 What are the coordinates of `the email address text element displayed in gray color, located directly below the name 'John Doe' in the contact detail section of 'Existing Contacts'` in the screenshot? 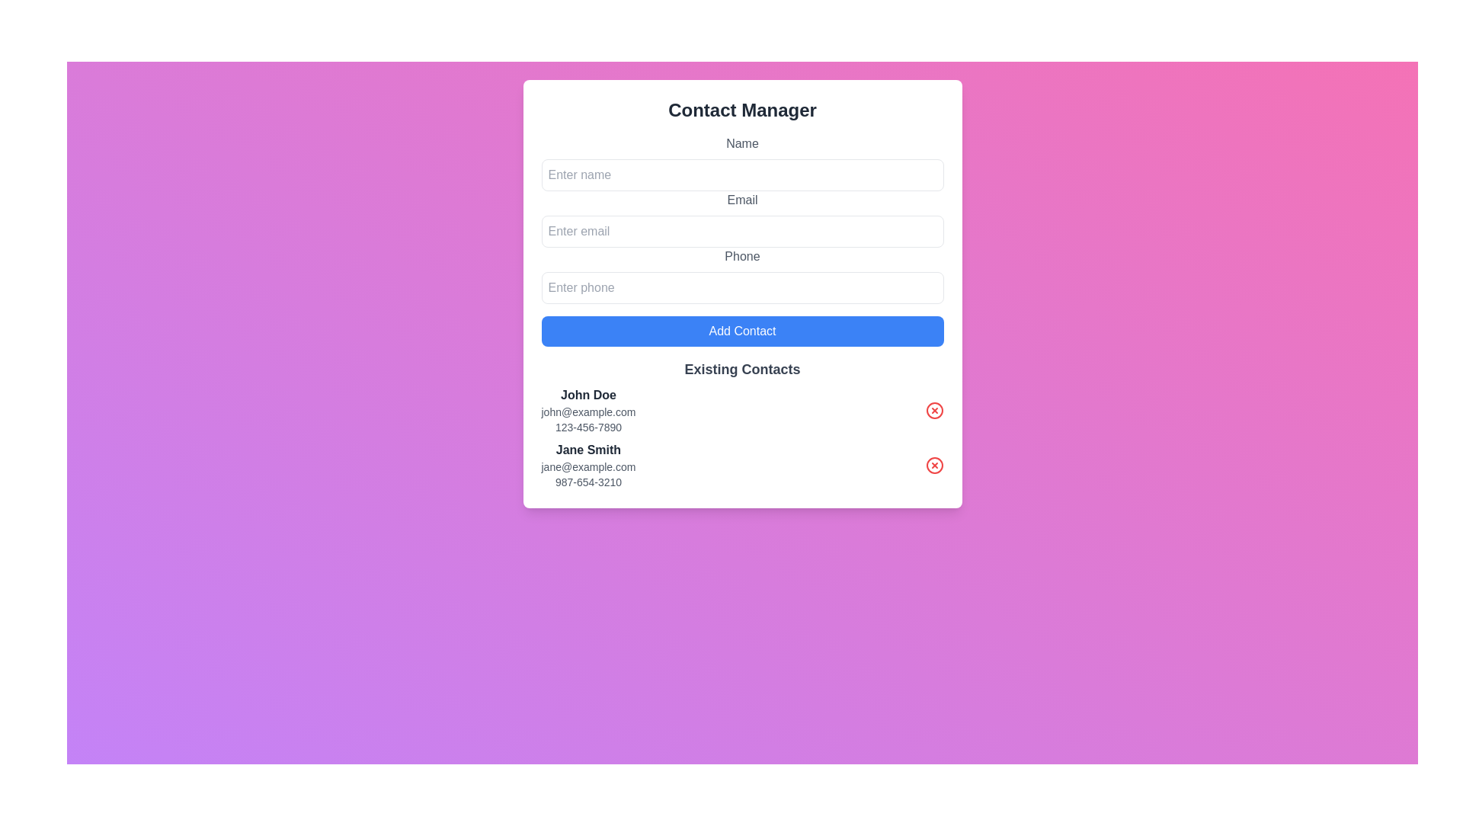 It's located at (587, 411).